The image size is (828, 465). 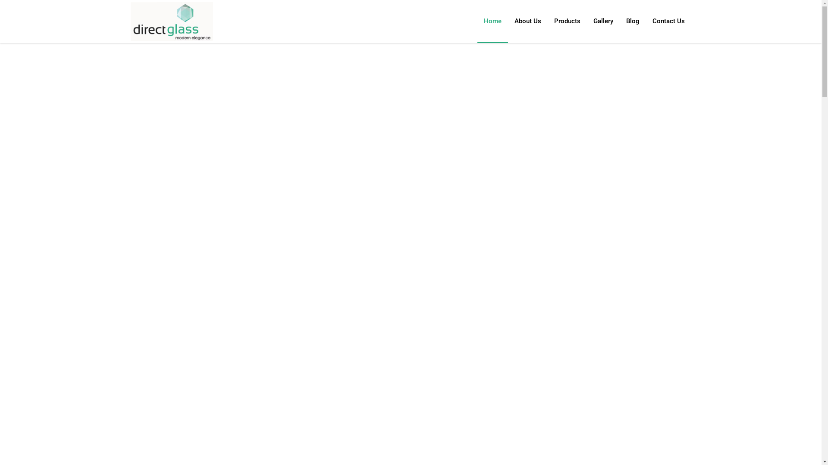 What do you see at coordinates (492, 21) in the screenshot?
I see `'Home'` at bounding box center [492, 21].